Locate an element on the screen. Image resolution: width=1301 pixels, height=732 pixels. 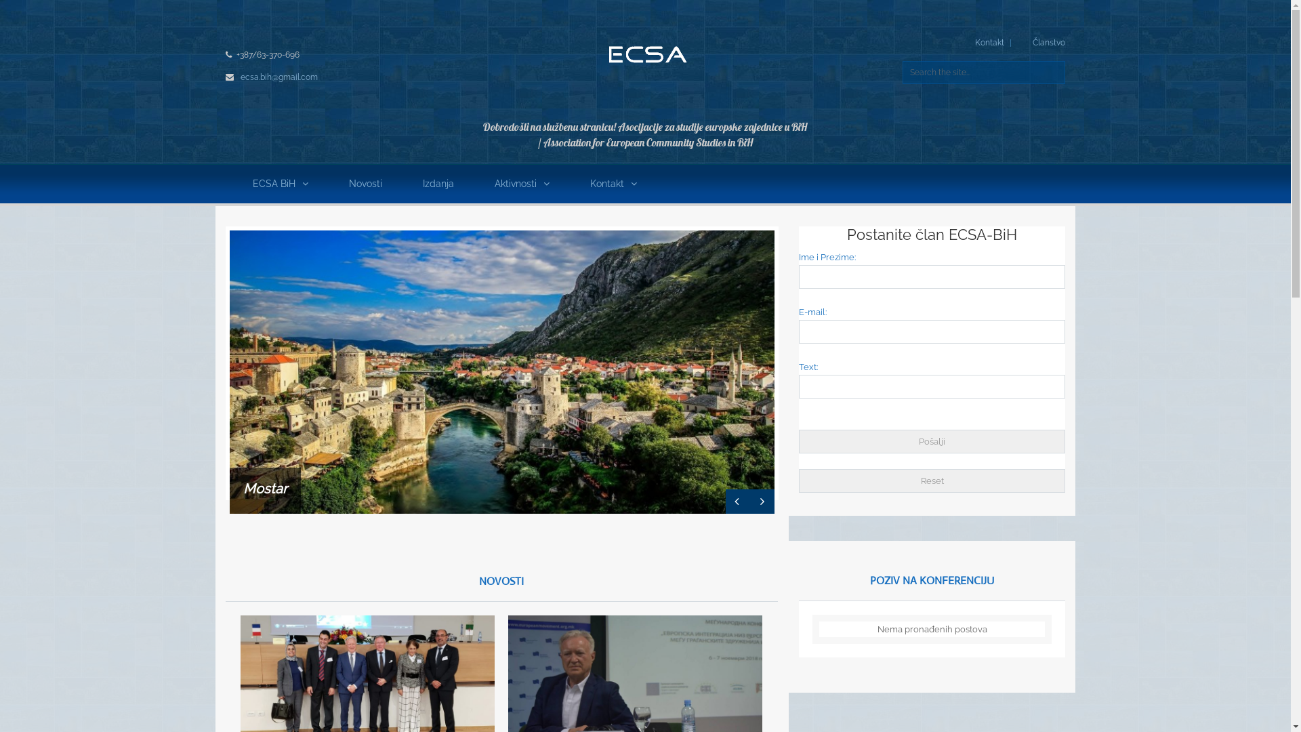
'Aktivnosti' is located at coordinates (521, 184).